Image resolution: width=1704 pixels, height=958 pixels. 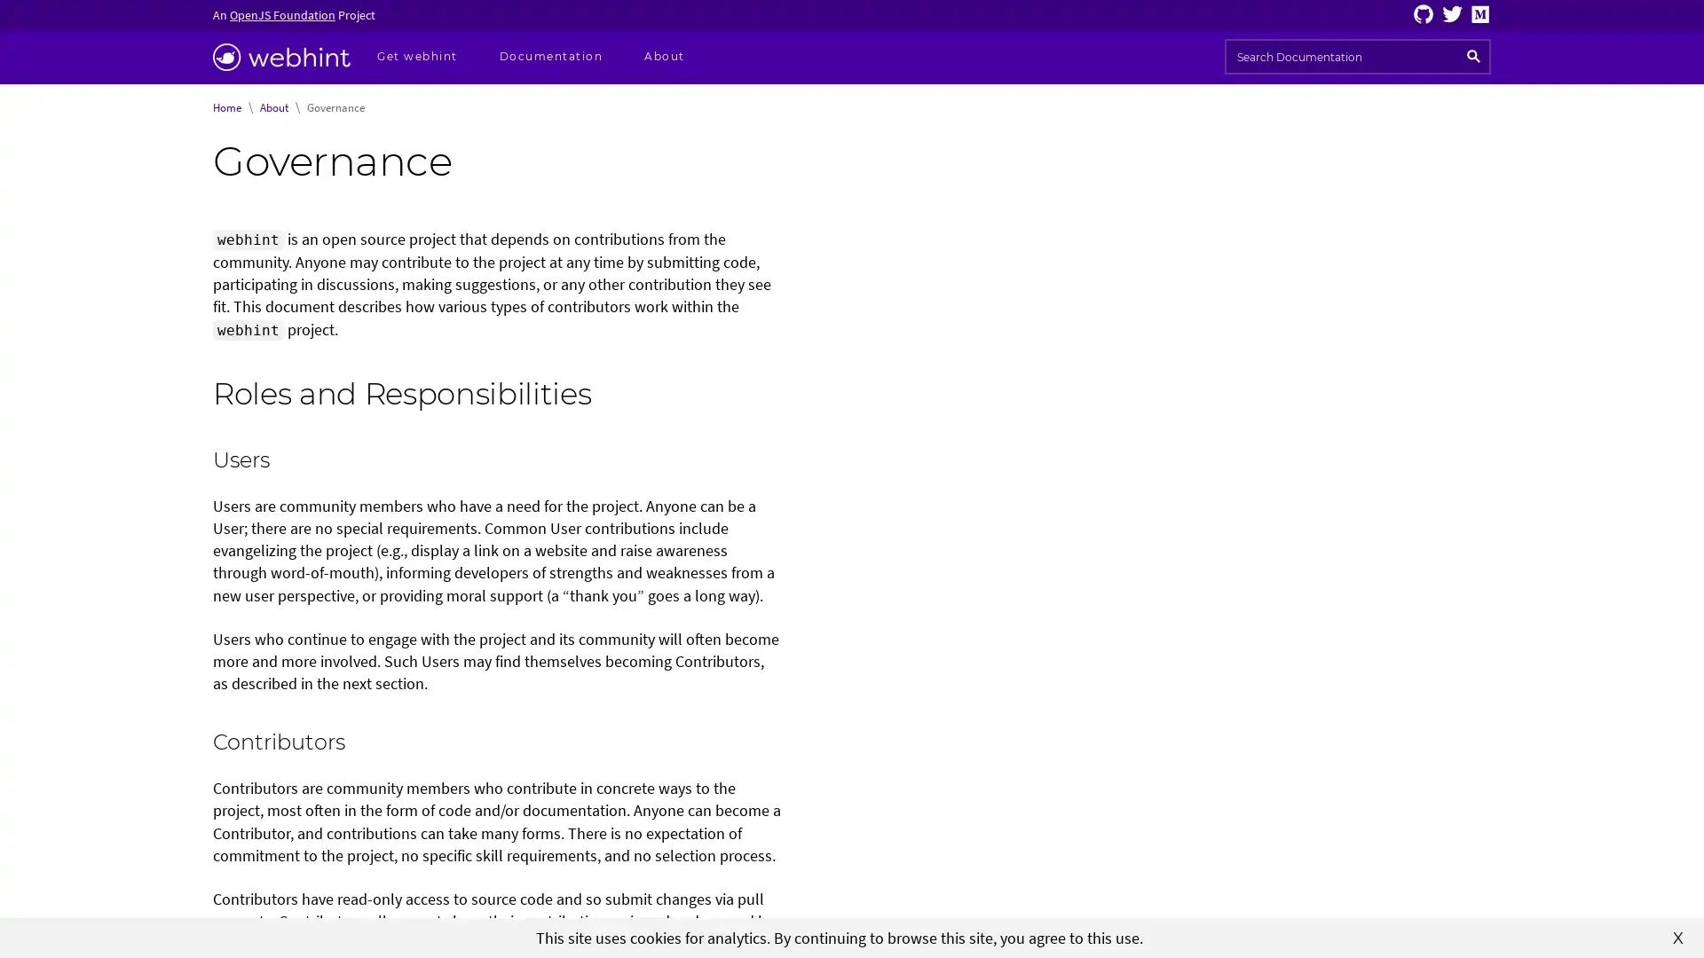 I want to click on close, so click(x=1677, y=936).